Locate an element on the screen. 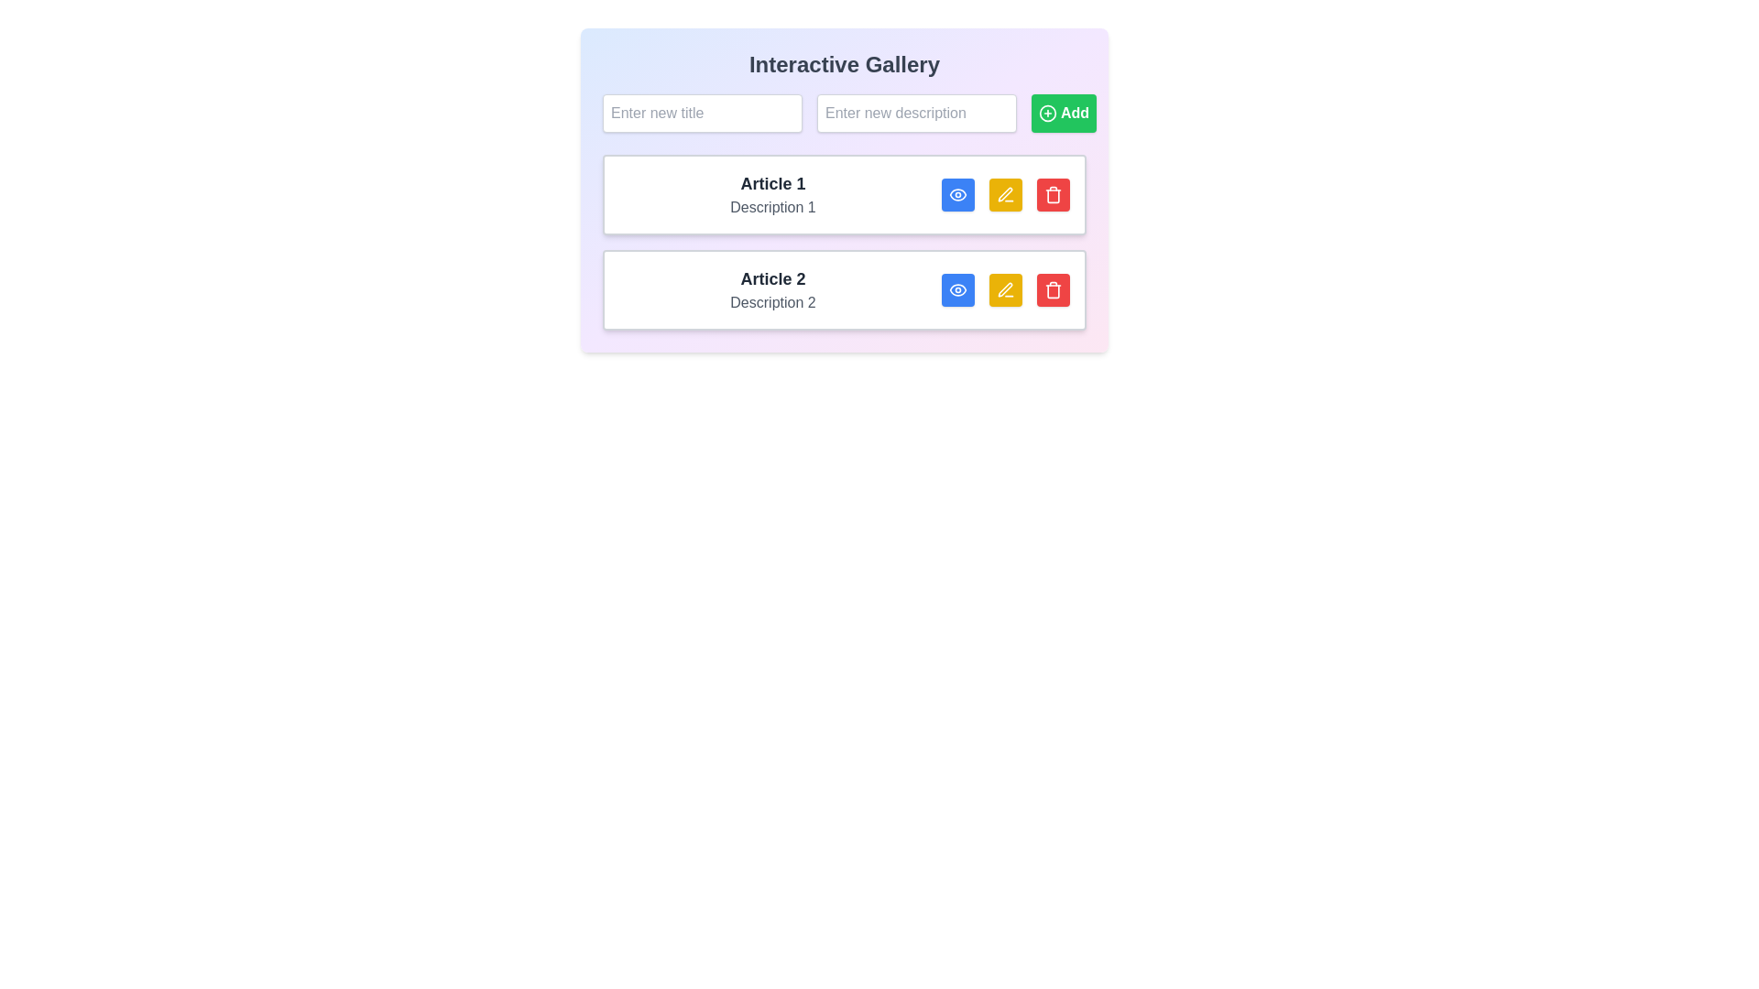 The image size is (1759, 989). the blue button with a white eye icon located in the first list item is located at coordinates (957, 194).